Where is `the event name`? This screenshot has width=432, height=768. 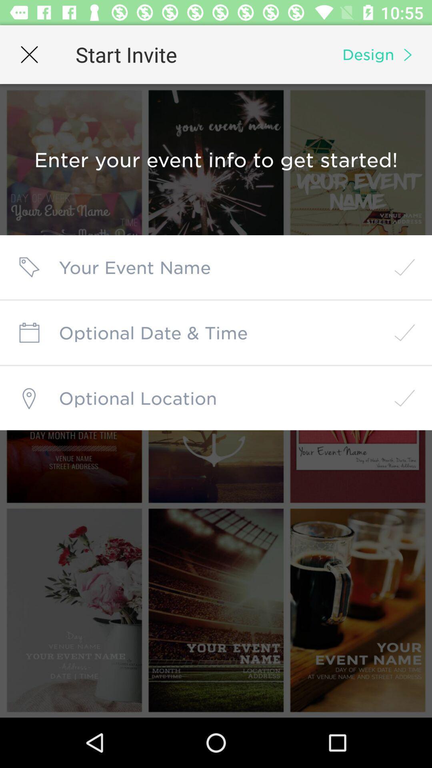
the event name is located at coordinates (216, 267).